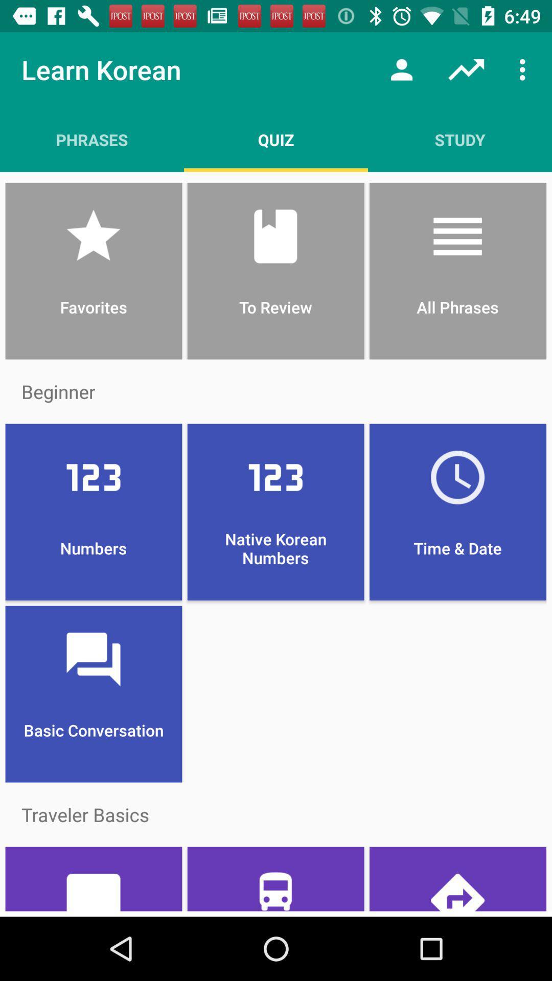 The image size is (552, 981). What do you see at coordinates (276, 139) in the screenshot?
I see `quiz` at bounding box center [276, 139].